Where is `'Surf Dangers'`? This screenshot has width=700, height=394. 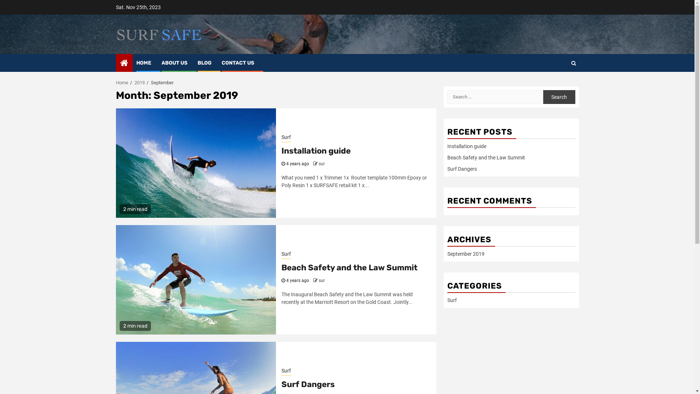
'Surf Dangers' is located at coordinates (461, 169).